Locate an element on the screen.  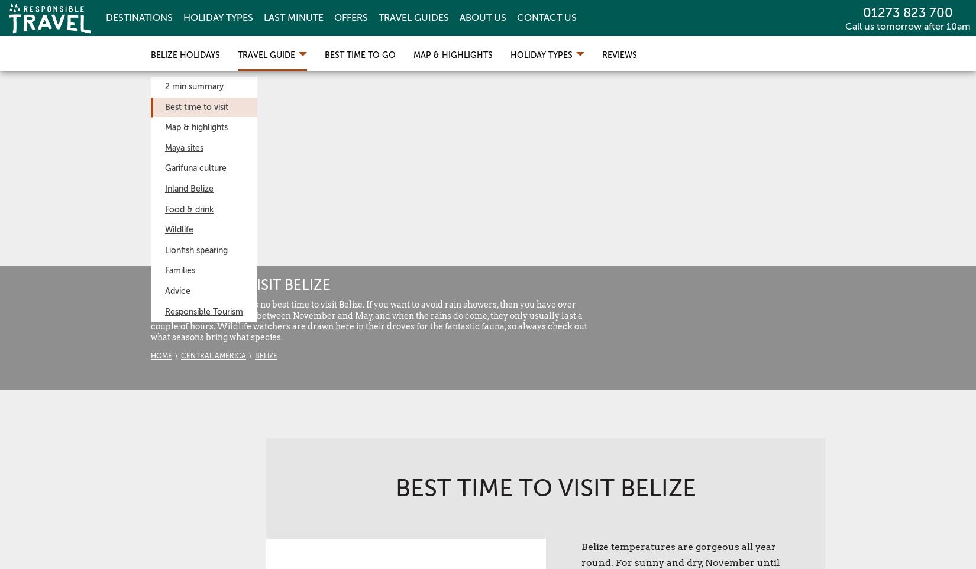
'Belize' is located at coordinates (265, 355).